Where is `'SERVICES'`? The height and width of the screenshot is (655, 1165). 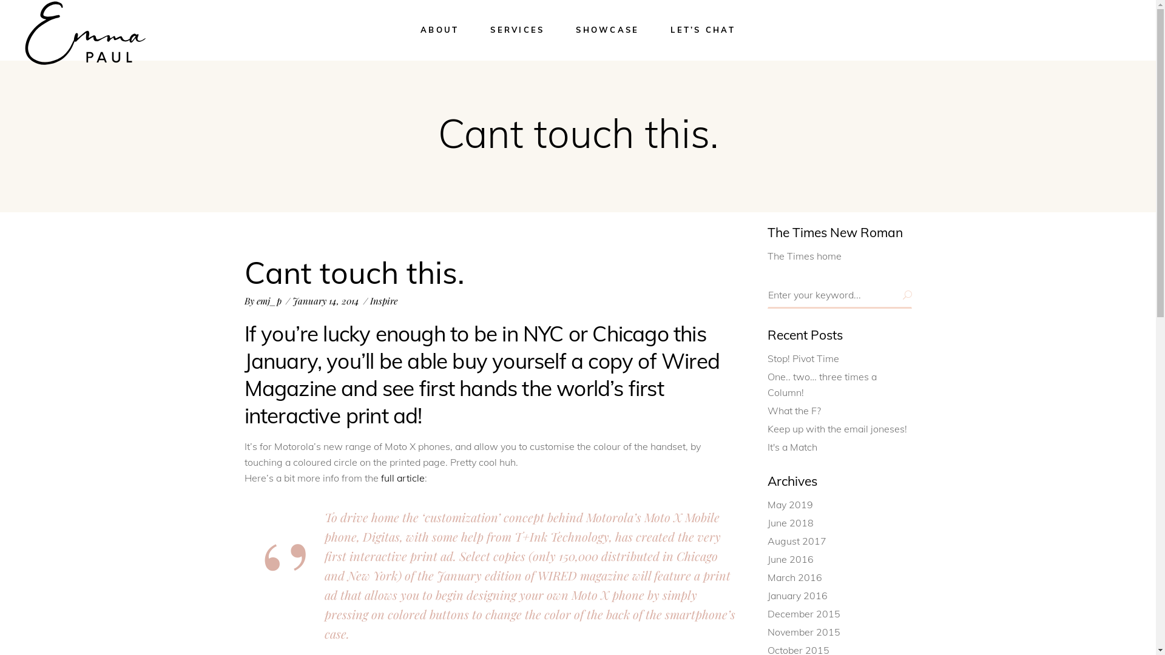
'SERVICES' is located at coordinates (474, 30).